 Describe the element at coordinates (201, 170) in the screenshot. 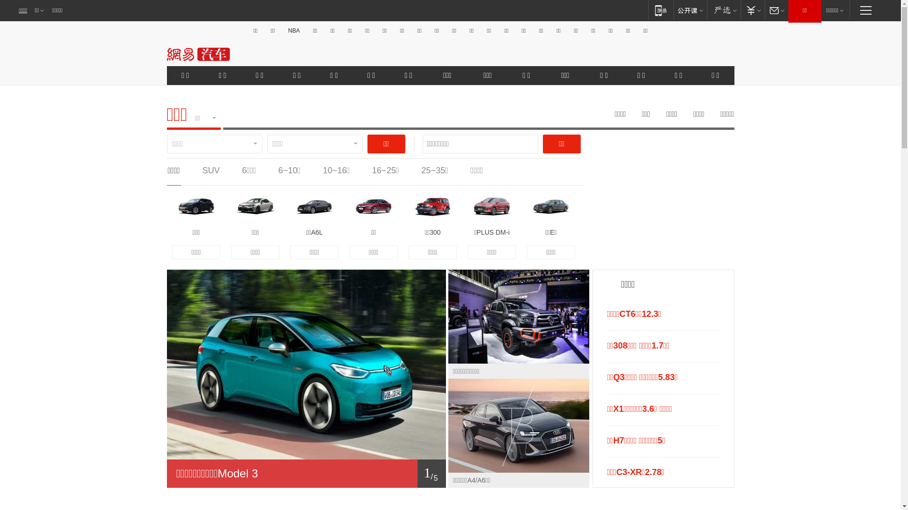

I see `'SUV'` at that location.